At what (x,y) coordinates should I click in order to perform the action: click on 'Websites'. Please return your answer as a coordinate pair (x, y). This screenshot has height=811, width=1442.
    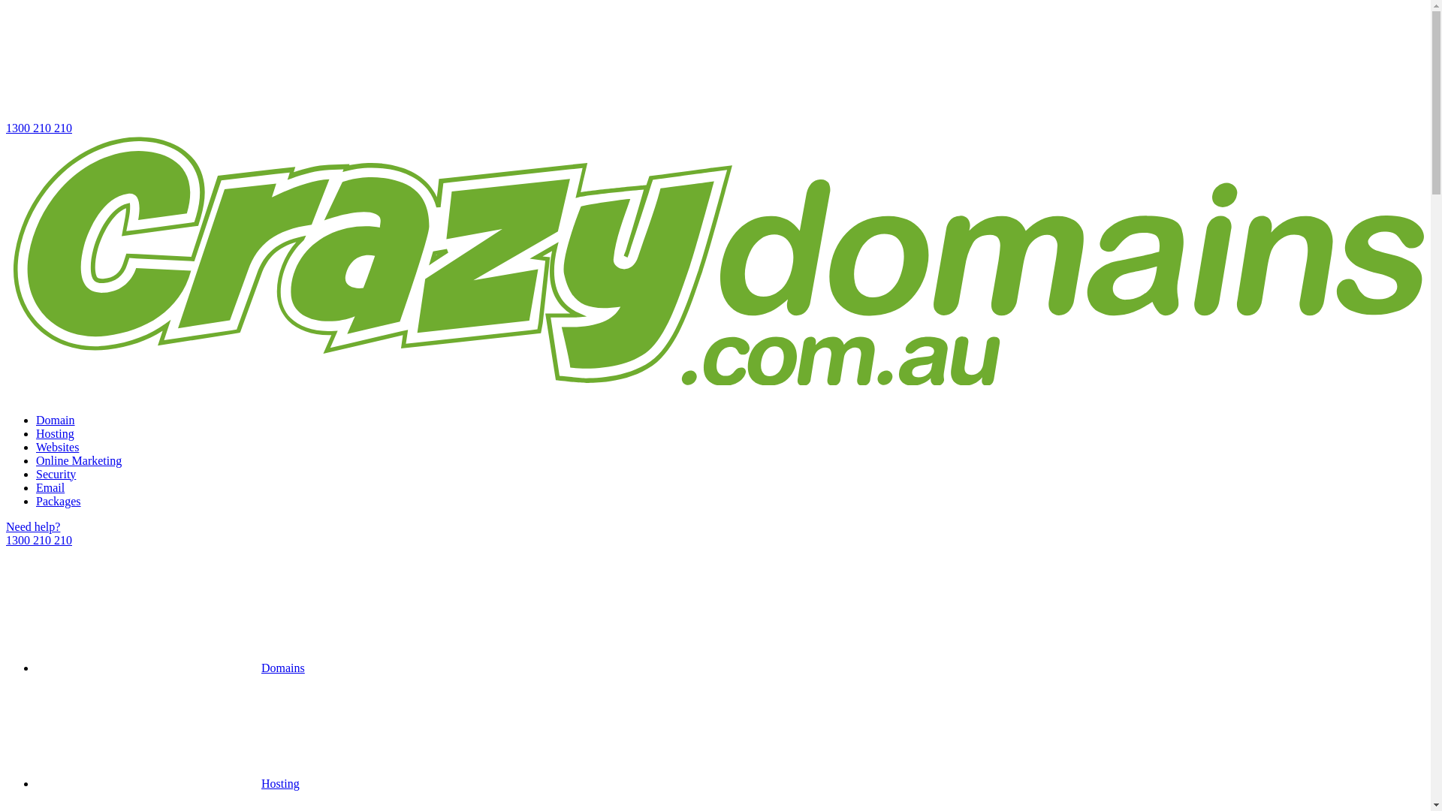
    Looking at the image, I should click on (57, 446).